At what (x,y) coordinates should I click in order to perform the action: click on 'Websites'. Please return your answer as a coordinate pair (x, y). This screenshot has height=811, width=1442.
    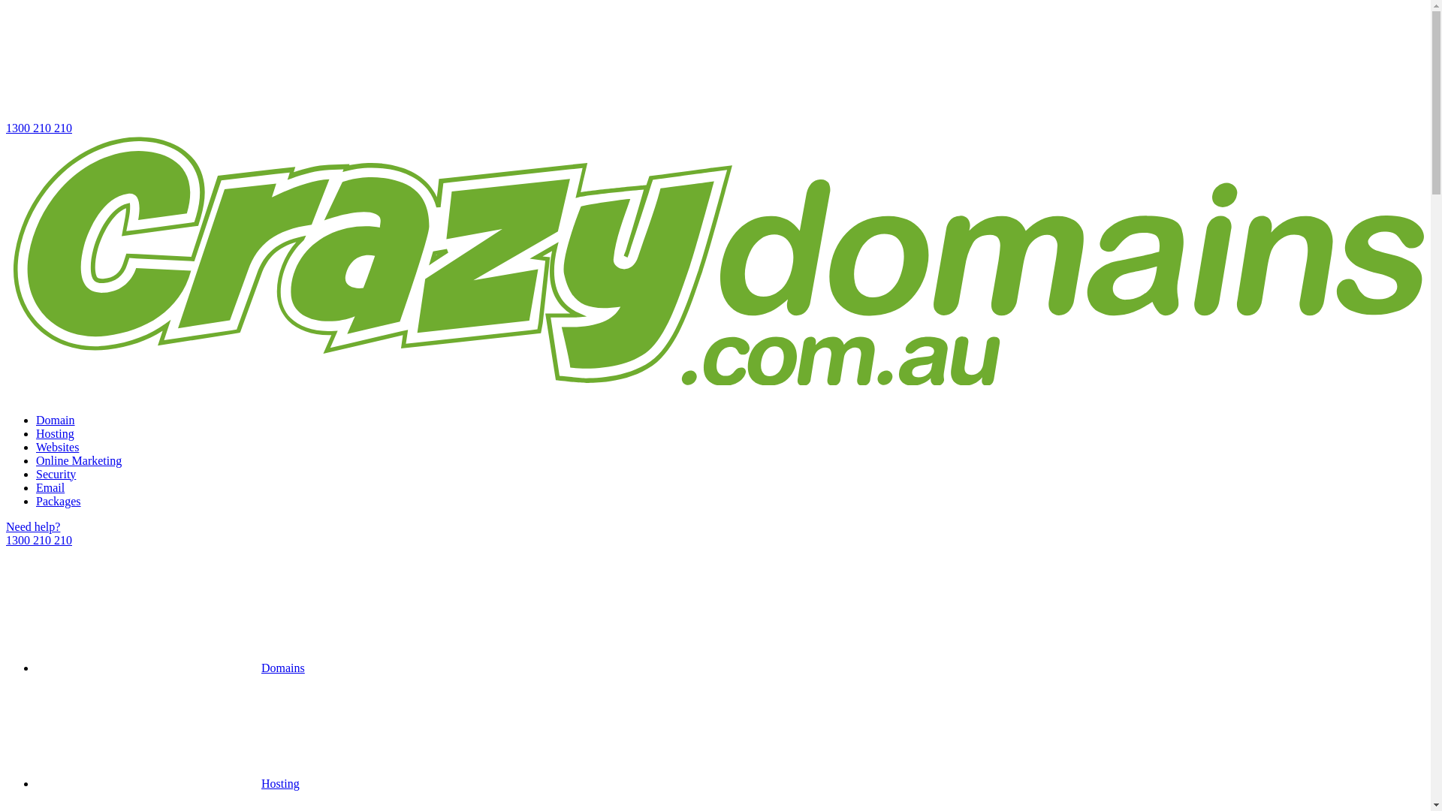
    Looking at the image, I should click on (57, 446).